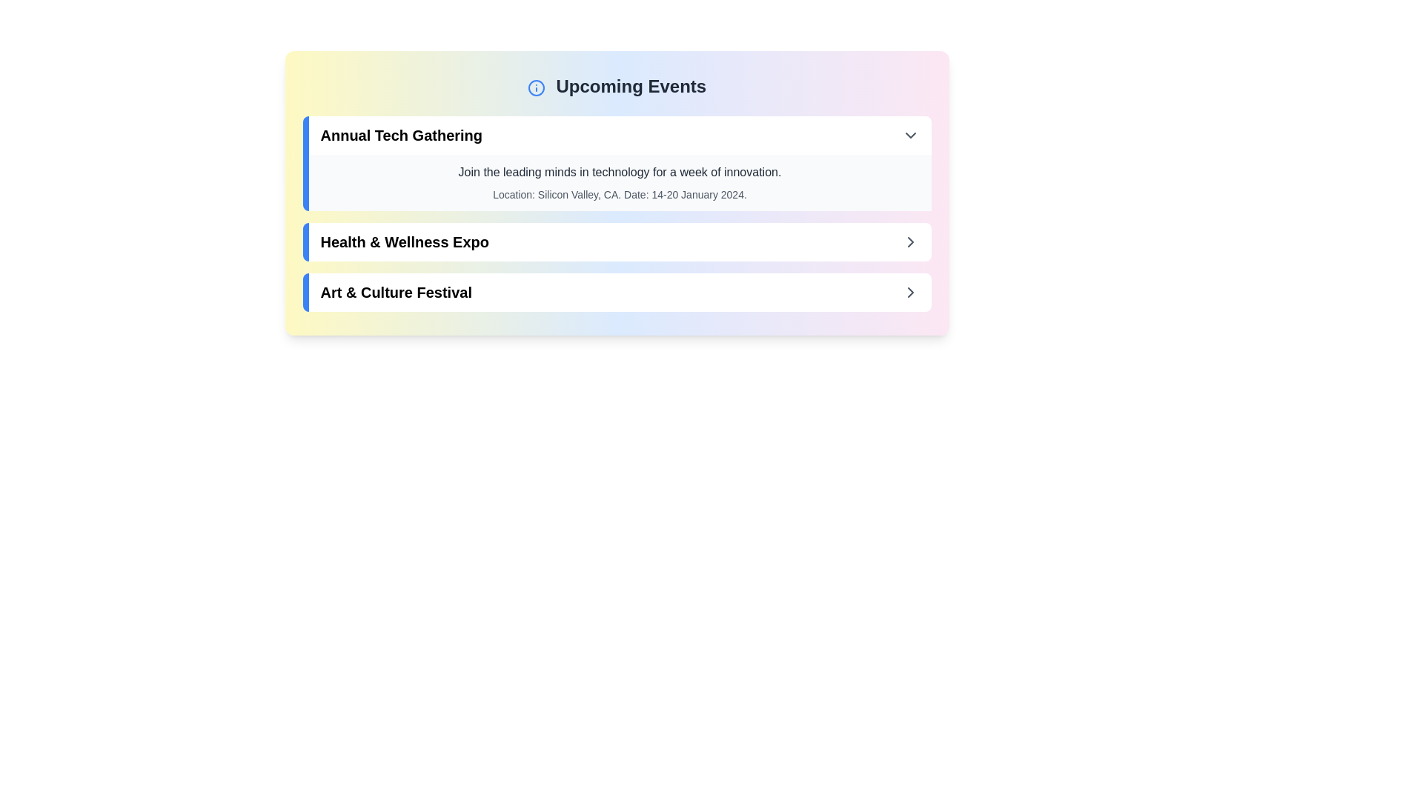 The width and height of the screenshot is (1423, 800). What do you see at coordinates (617, 86) in the screenshot?
I see `the text-based header that indicates the section for upcoming events, positioned at the top of the section above event descriptions` at bounding box center [617, 86].